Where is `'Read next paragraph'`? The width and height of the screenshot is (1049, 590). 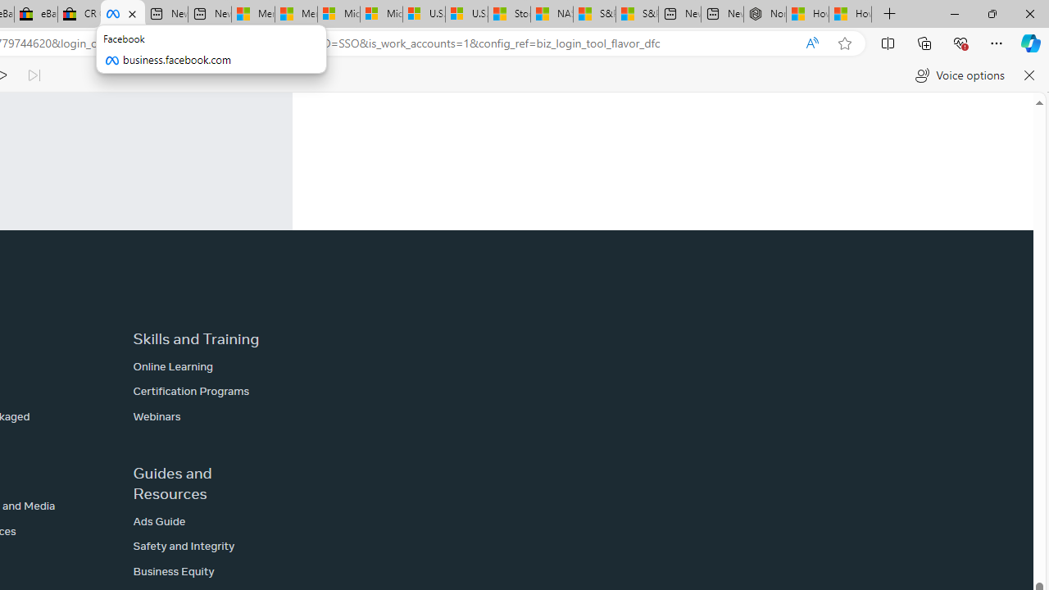
'Read next paragraph' is located at coordinates (33, 75).